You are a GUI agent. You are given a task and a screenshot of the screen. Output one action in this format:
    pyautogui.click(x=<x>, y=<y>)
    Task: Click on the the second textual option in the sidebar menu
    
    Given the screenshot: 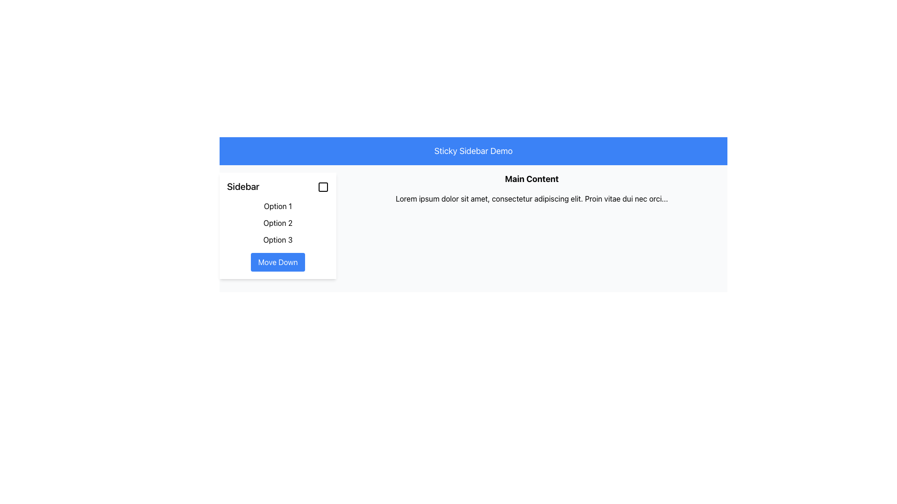 What is the action you would take?
    pyautogui.click(x=278, y=225)
    